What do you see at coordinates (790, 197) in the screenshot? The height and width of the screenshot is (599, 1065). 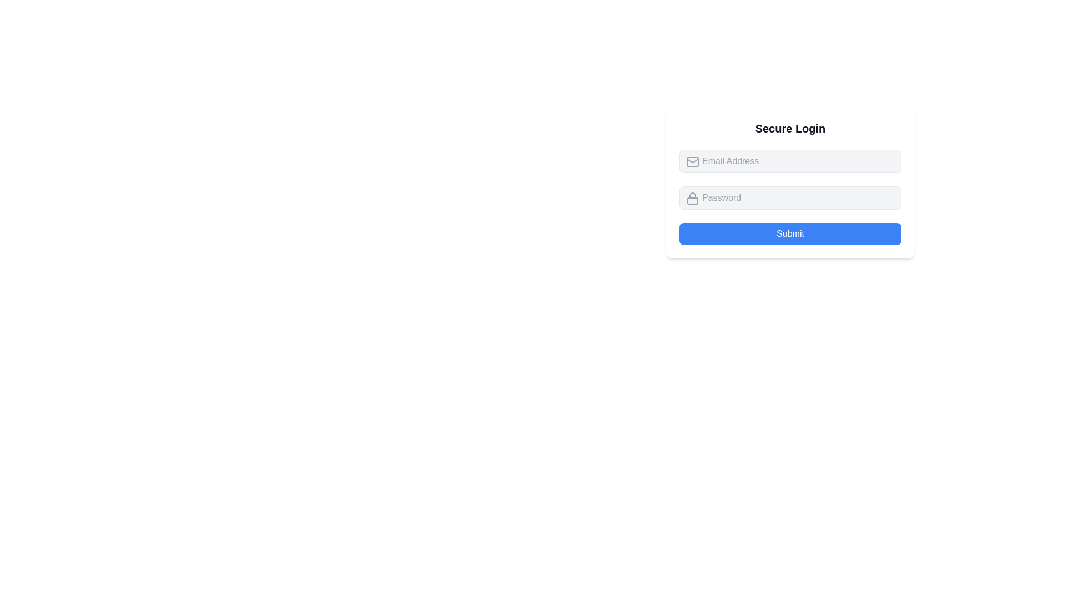 I see `the Password input field, which is the second field in the login form, located below the 'Email Address' field and above the 'Submit' button, to trigger visual responses` at bounding box center [790, 197].